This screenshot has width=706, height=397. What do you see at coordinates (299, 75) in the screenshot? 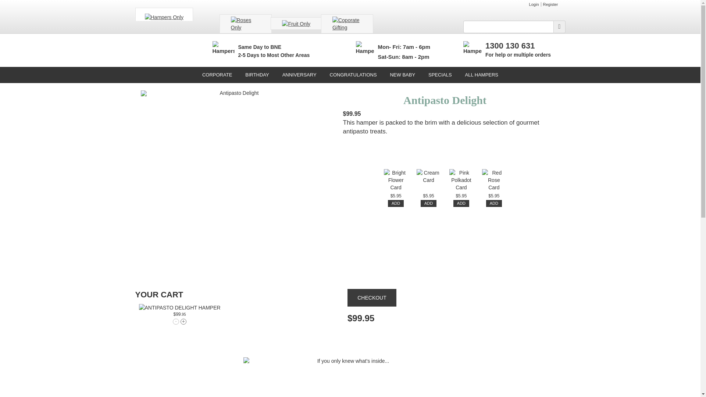
I see `'ANNIVERSARY'` at bounding box center [299, 75].